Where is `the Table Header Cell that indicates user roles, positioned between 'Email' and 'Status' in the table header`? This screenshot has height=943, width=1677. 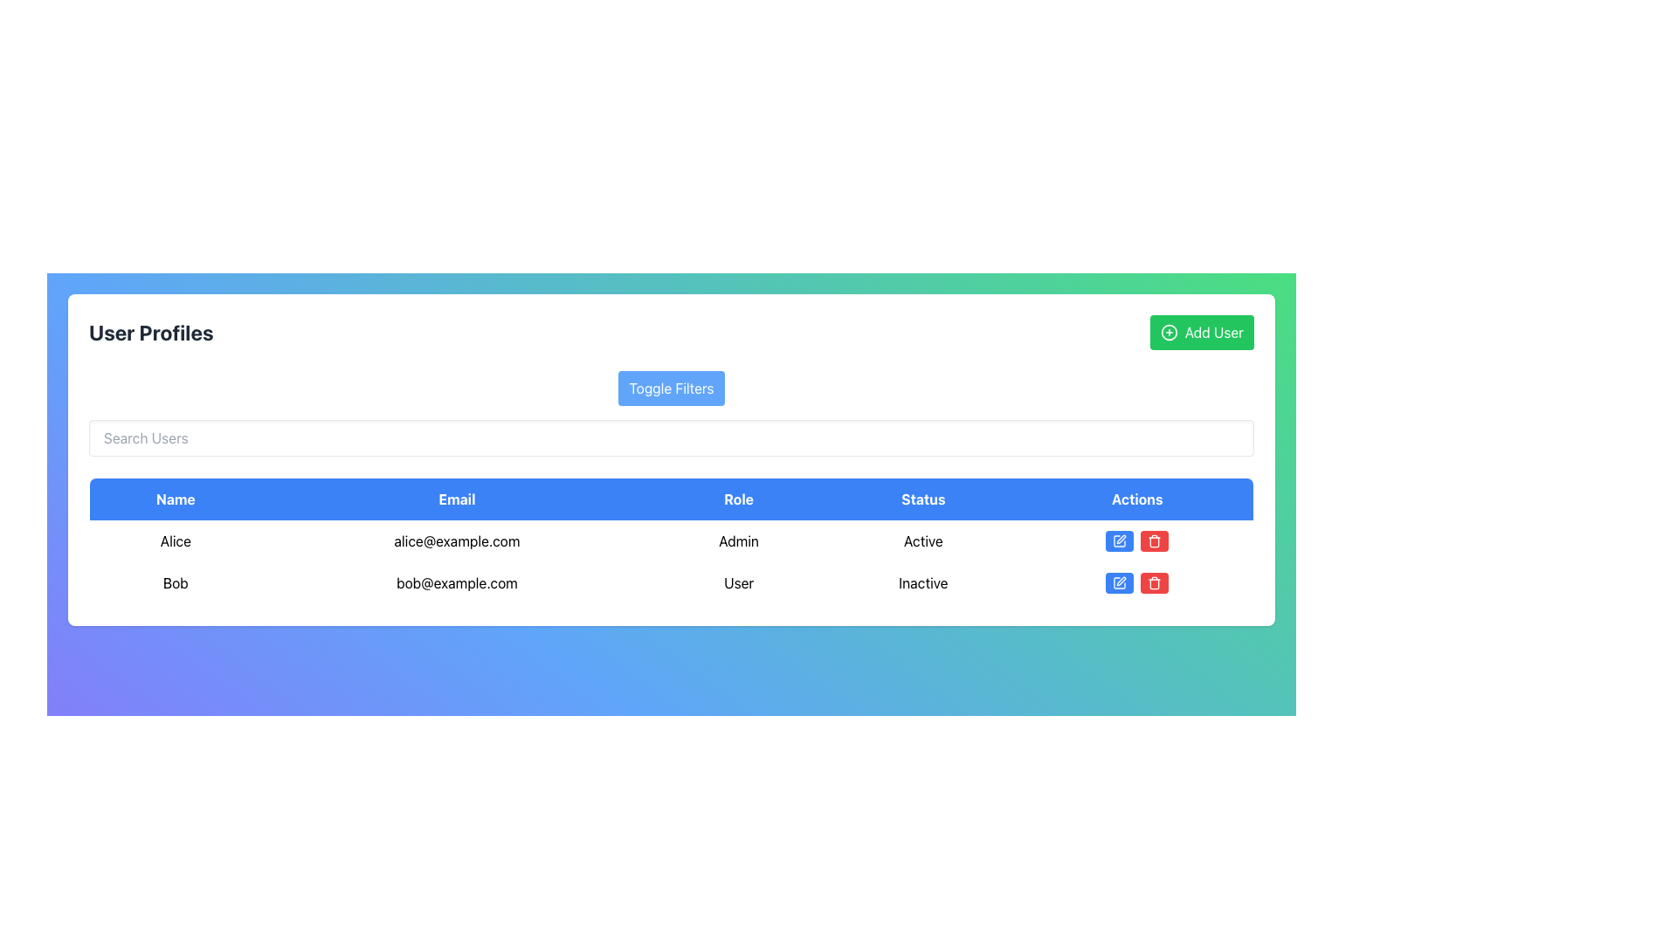 the Table Header Cell that indicates user roles, positioned between 'Email' and 'Status' in the table header is located at coordinates (739, 499).